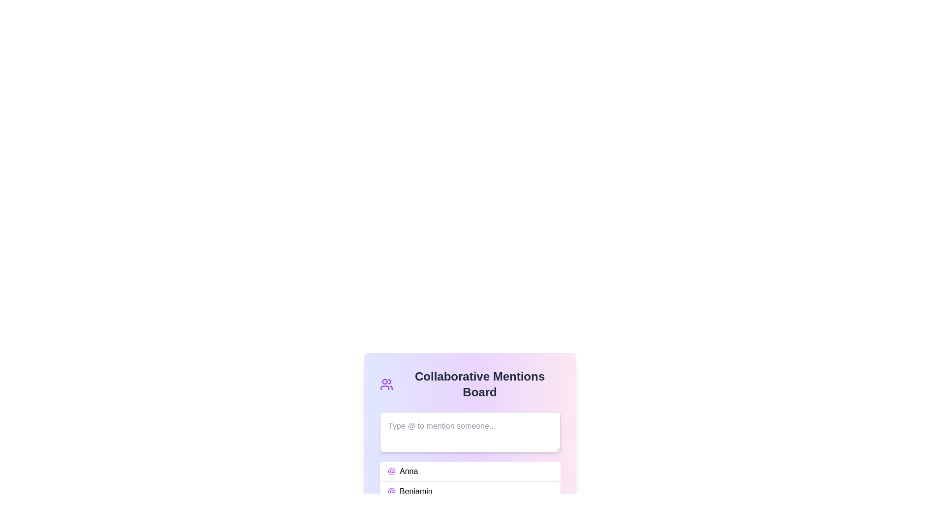 The width and height of the screenshot is (945, 531). What do you see at coordinates (479, 384) in the screenshot?
I see `text heading element displaying 'Collaborative Mentions Board' which is prominently positioned at the top of the section with a bold and large font` at bounding box center [479, 384].